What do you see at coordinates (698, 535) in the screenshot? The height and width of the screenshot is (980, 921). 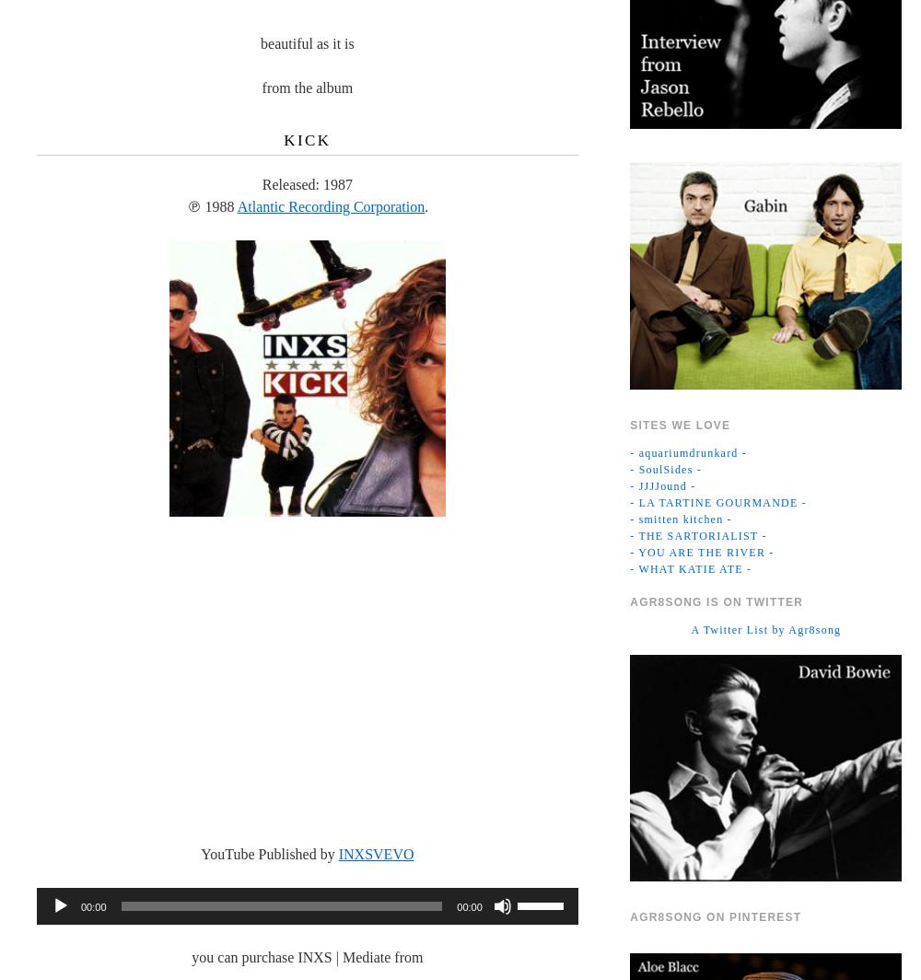 I see `'- THE SARTORIALIST -'` at bounding box center [698, 535].